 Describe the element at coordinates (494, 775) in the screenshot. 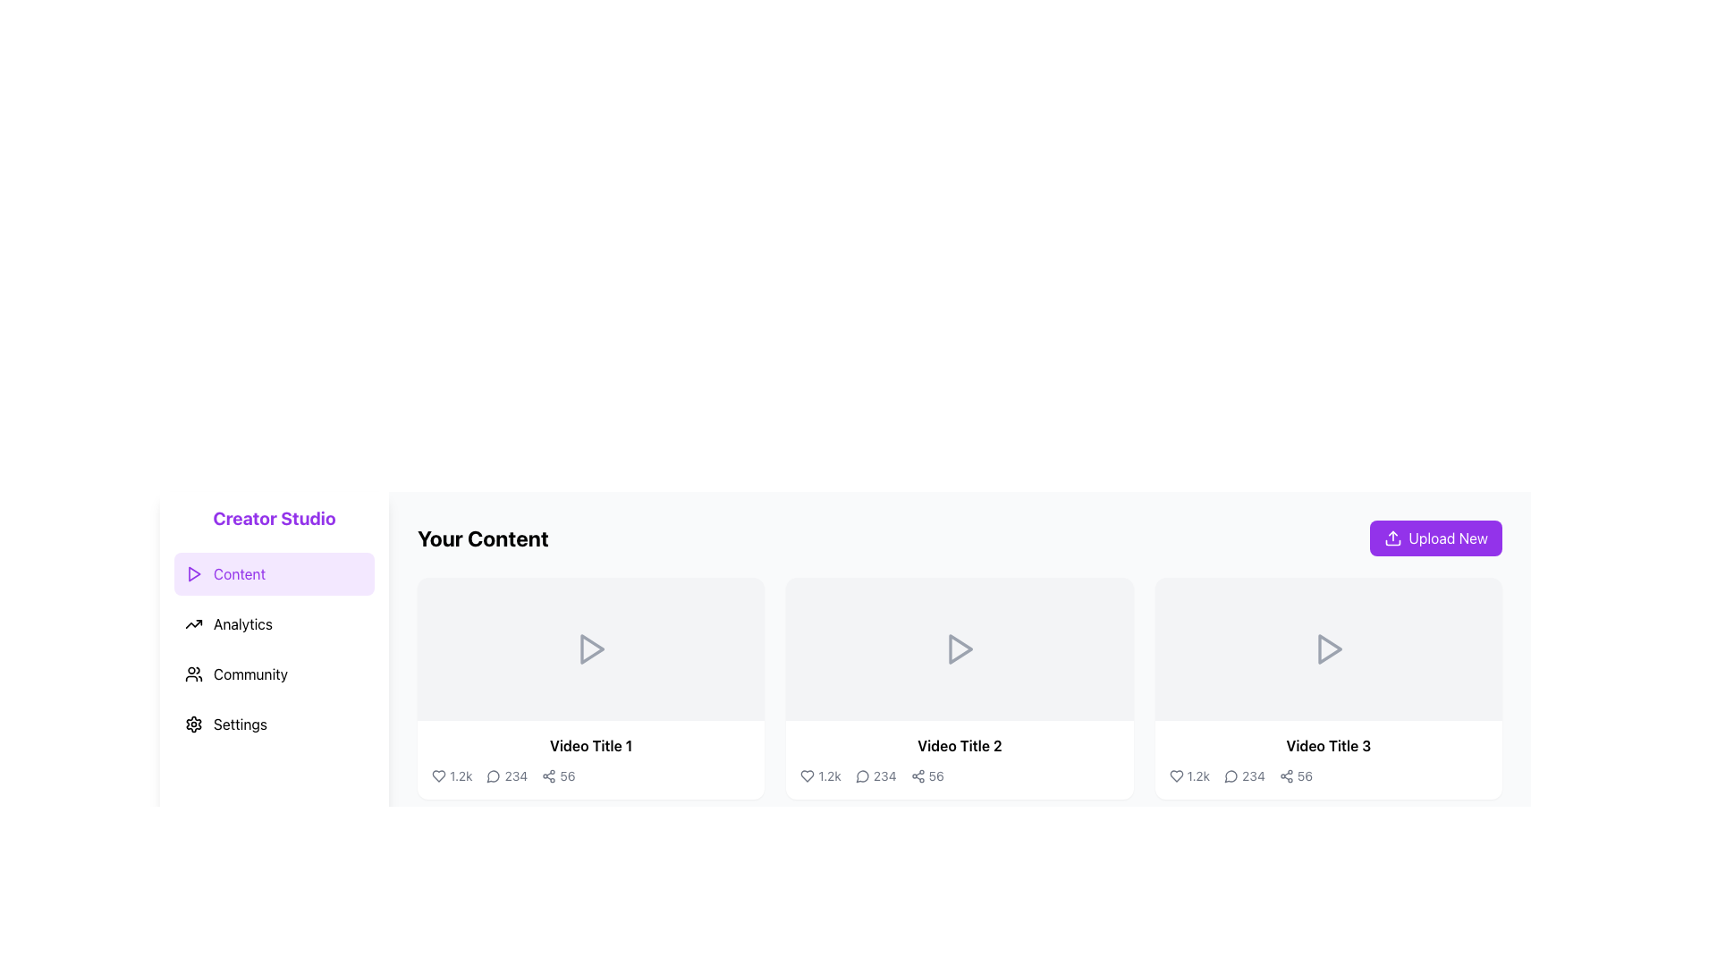

I see `the message bubble icon located beneath the first video thumbnail titled 'Video Title 1', adjacent to the '1.2k' and '234' counters` at that location.